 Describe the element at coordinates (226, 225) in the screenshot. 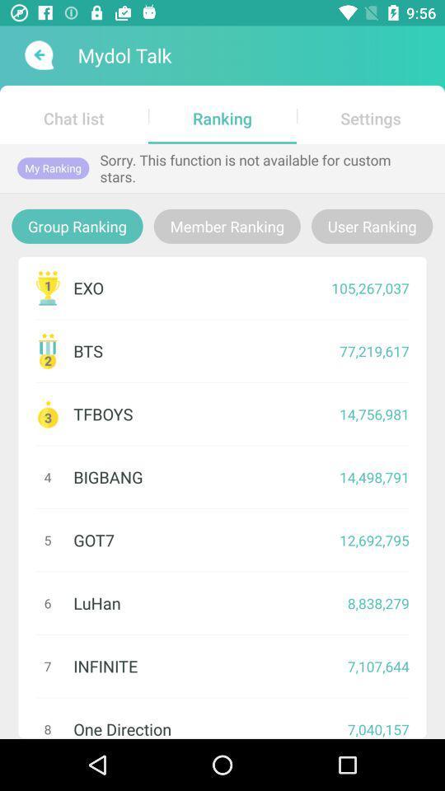

I see `the icon next to the user ranking icon` at that location.